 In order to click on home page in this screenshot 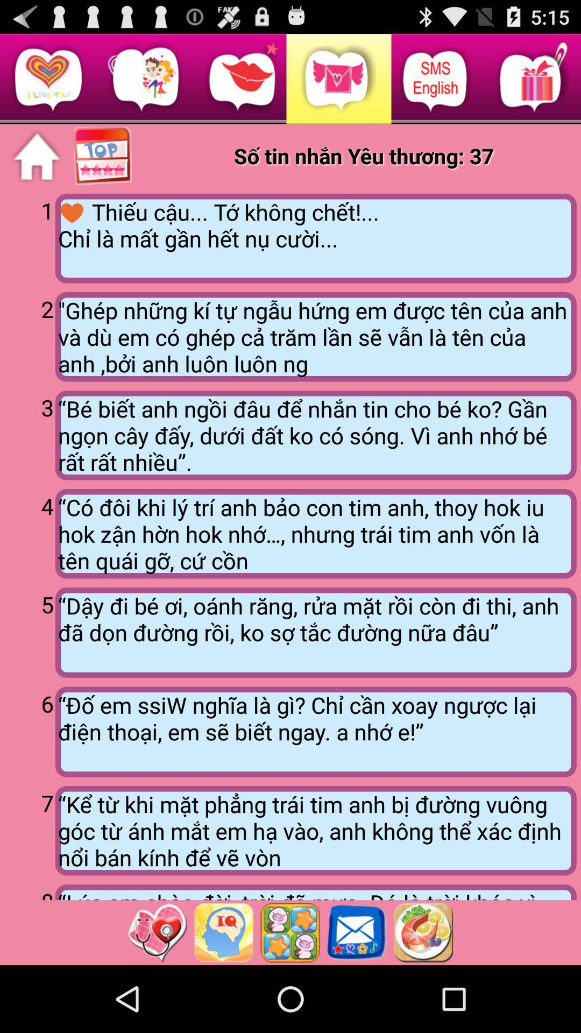, I will do `click(36, 156)`.